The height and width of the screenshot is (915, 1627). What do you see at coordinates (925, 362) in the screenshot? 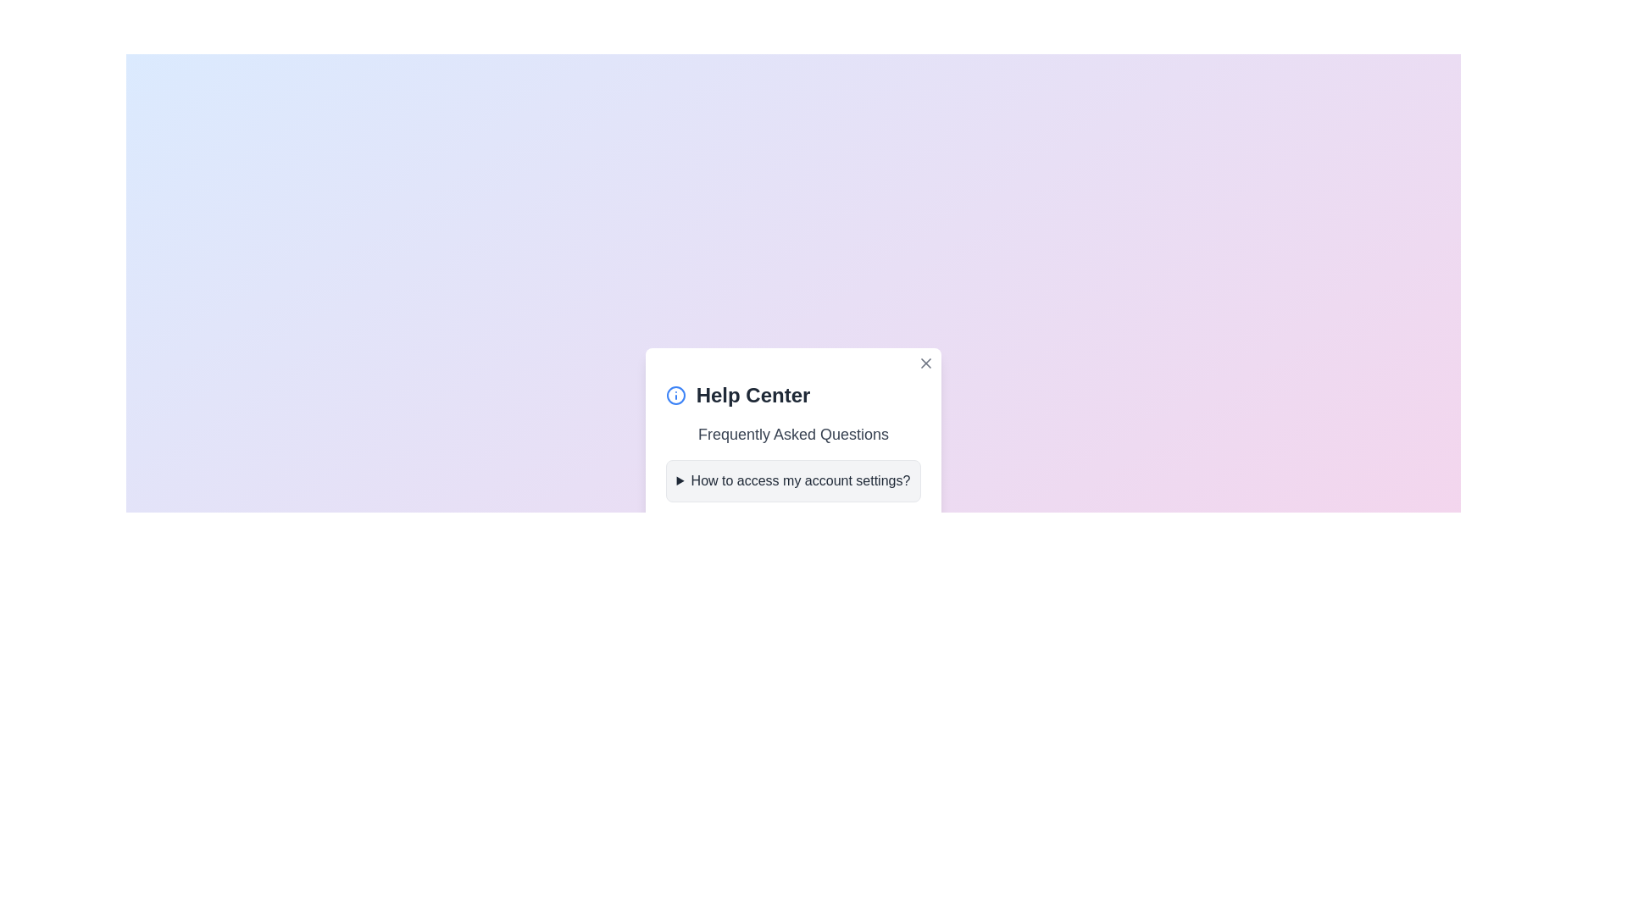
I see `the small 'X' icon close button located` at bounding box center [925, 362].